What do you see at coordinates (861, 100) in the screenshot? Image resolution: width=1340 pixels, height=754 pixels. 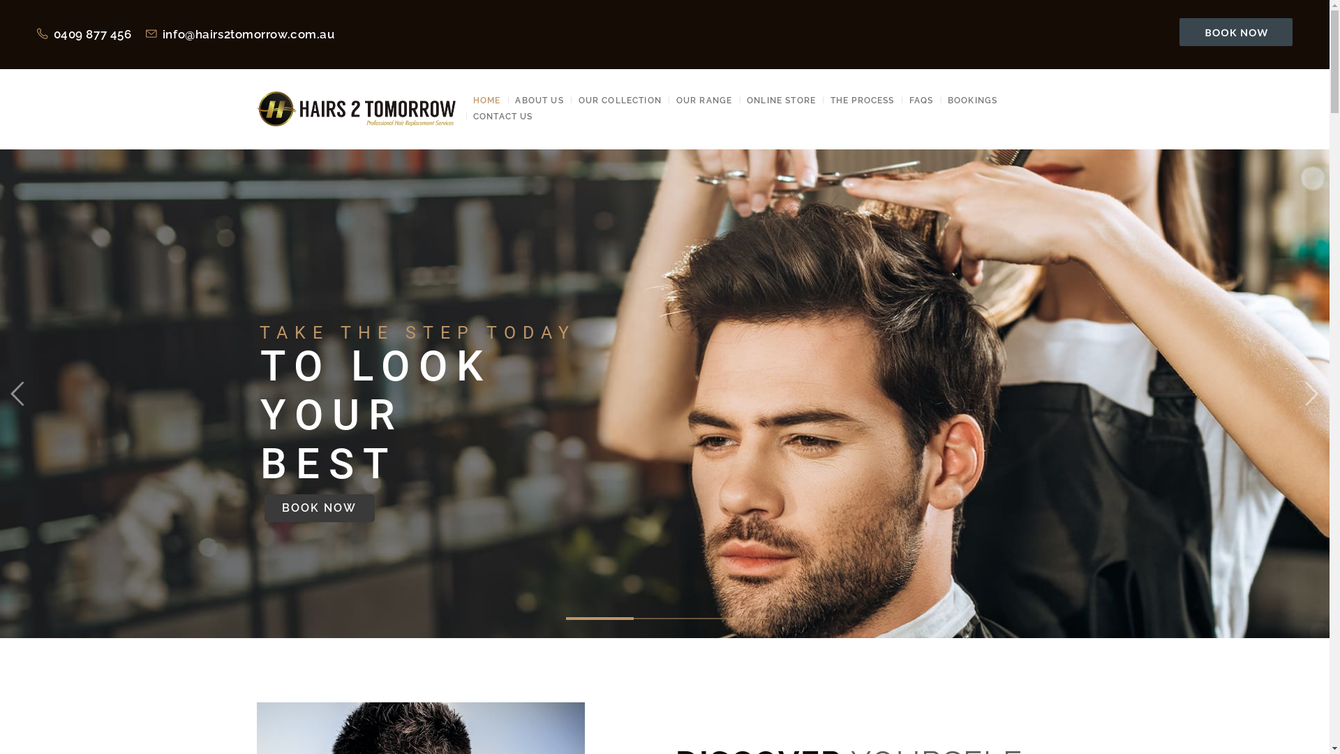 I see `'THE PROCESS'` at bounding box center [861, 100].